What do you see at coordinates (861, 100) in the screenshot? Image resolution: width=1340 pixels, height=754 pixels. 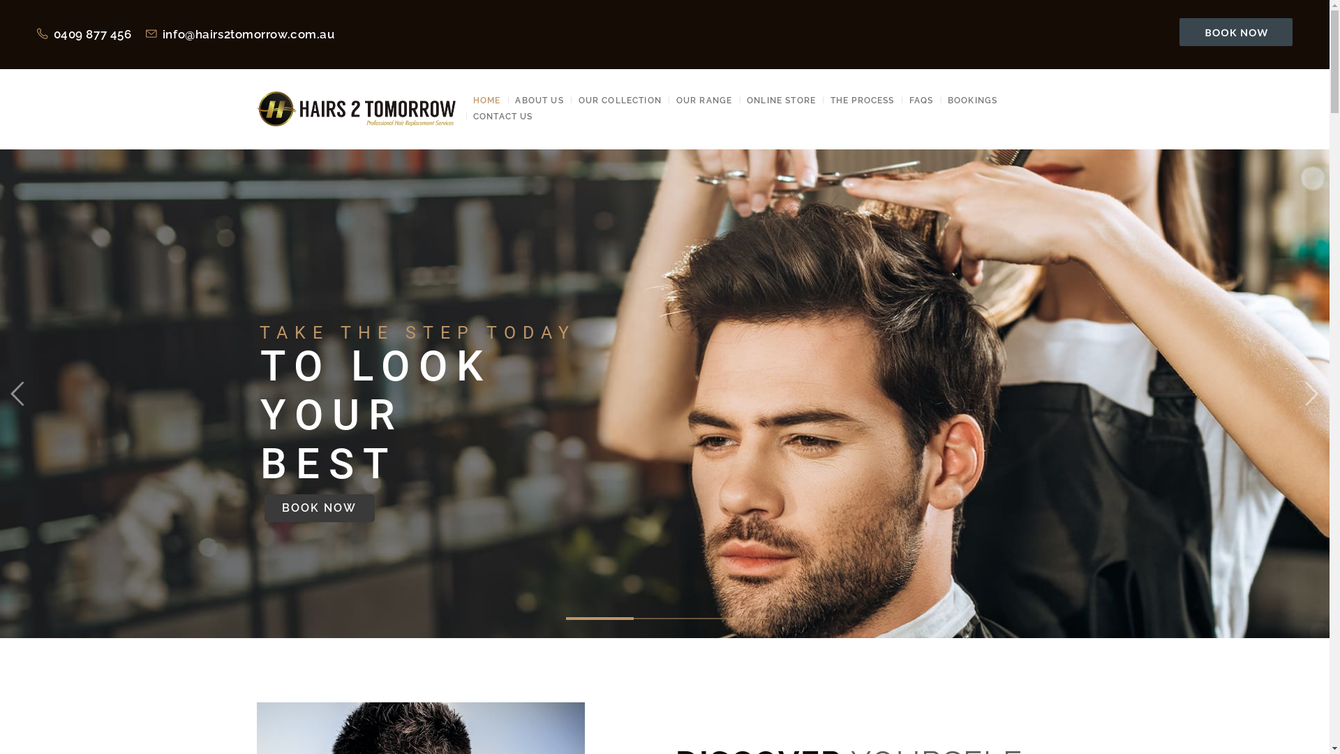 I see `'THE PROCESS'` at bounding box center [861, 100].